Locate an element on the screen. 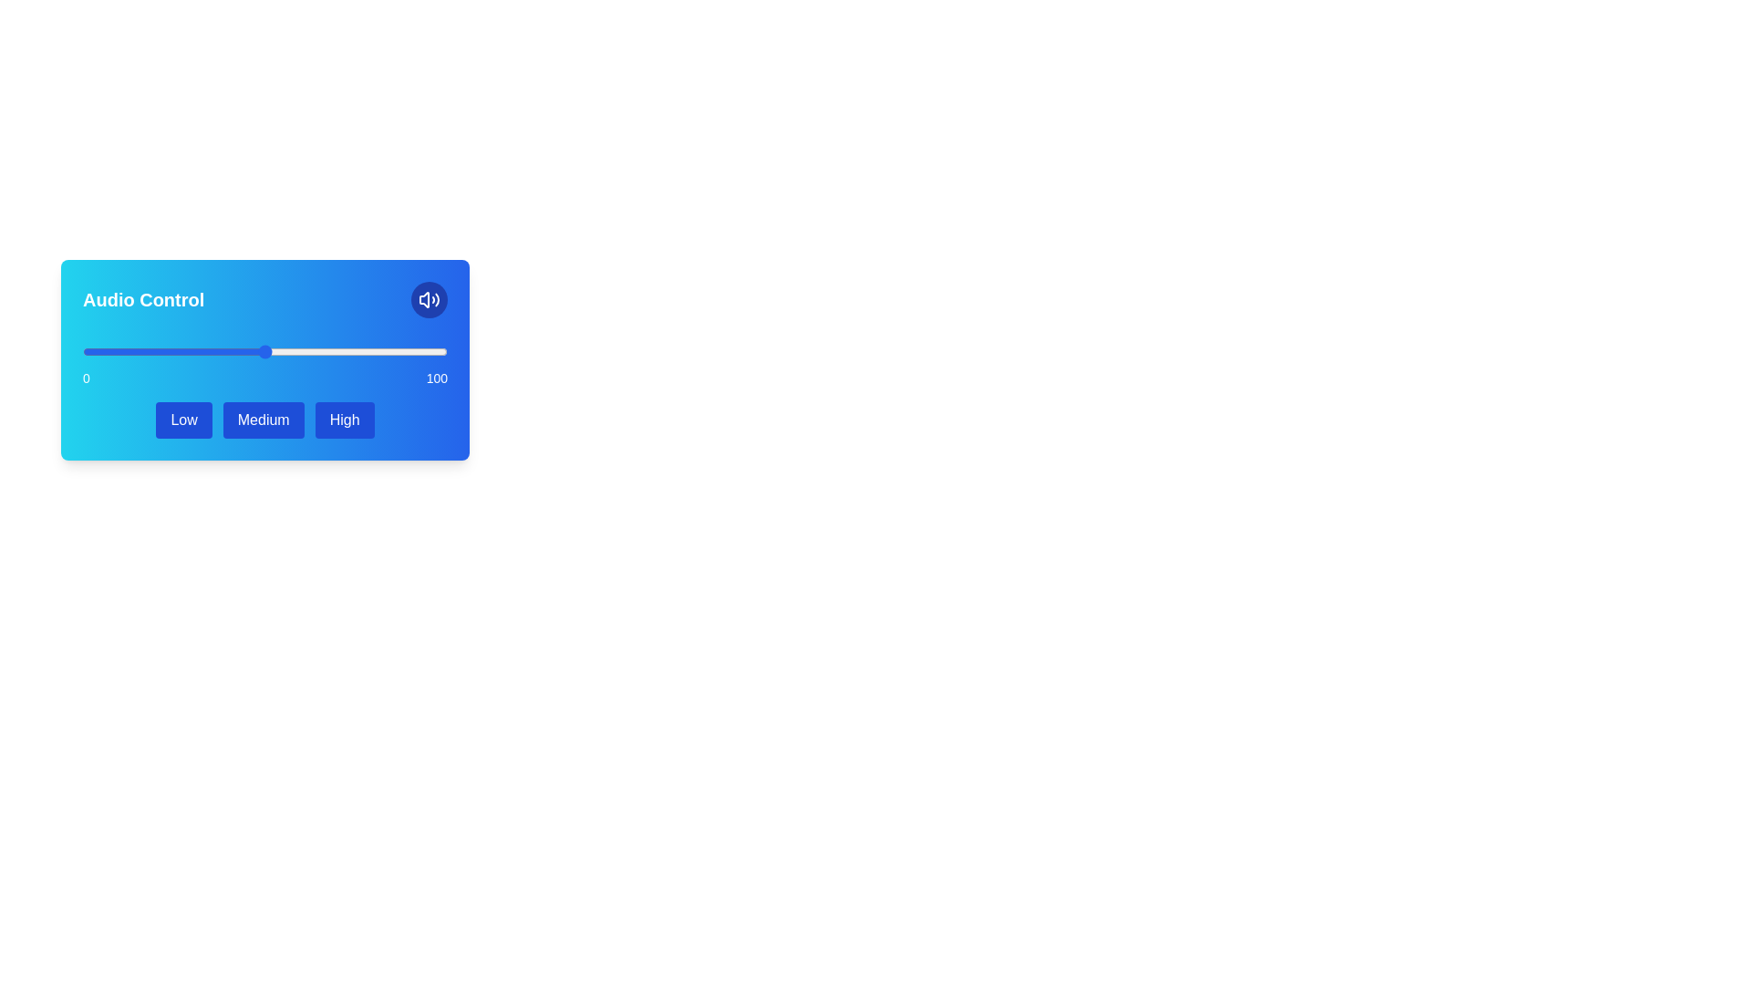  the 'Medium' button in the group of buttons labeled 'Low', 'Medium', and 'High' is located at coordinates (264, 420).